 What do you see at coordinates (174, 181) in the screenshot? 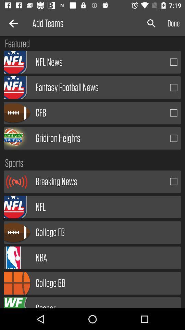
I see `checking this box will bring me breaking sports news alerts` at bounding box center [174, 181].